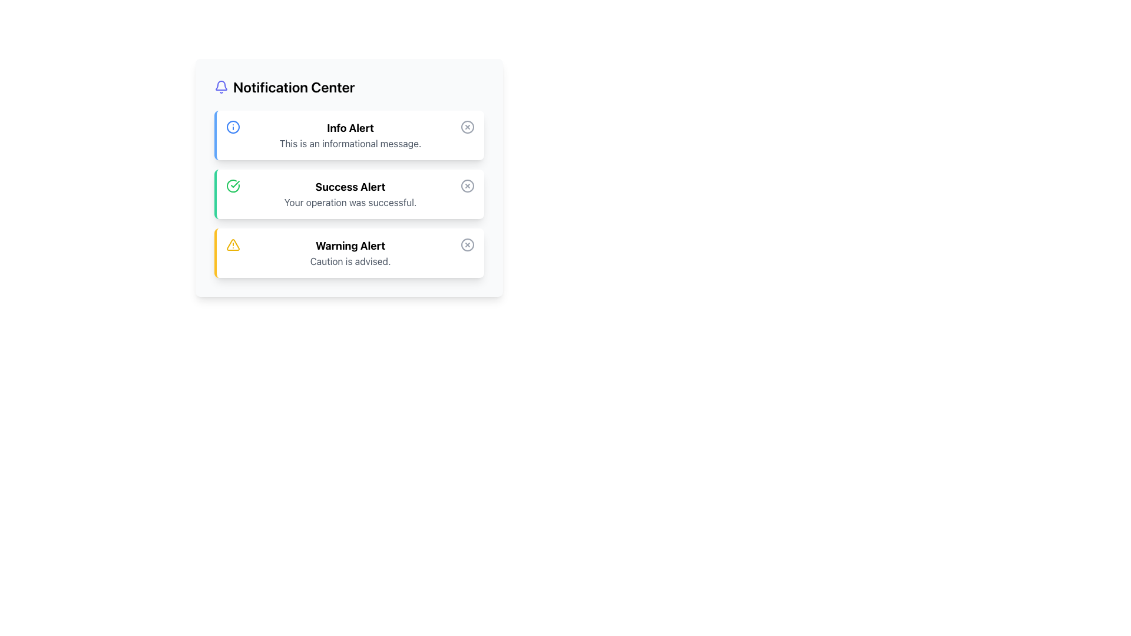  Describe the element at coordinates (350, 252) in the screenshot. I see `the 'Warning Alert' textual alert message, which has a bolded title and is styled in a card-like component with a yellow border, located in the Notification Center panel` at that location.